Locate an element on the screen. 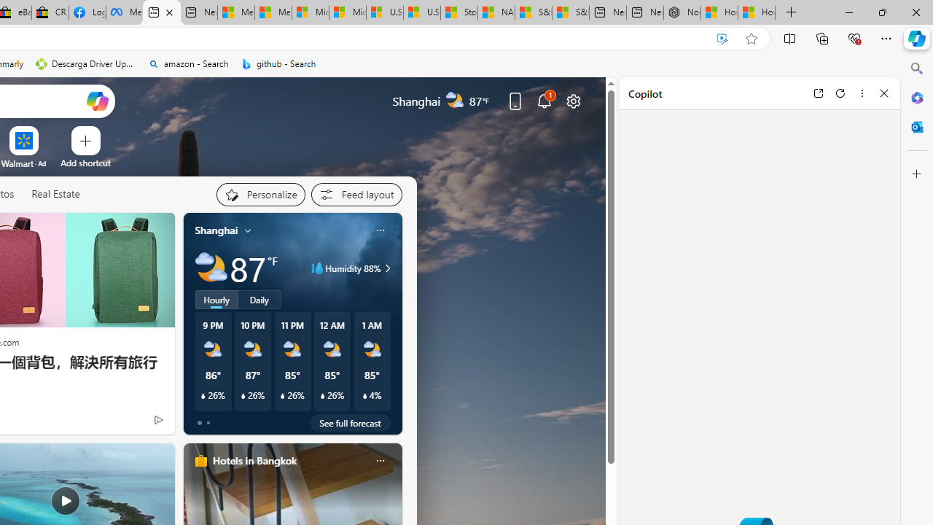  'Settings and more (Alt+F)' is located at coordinates (886, 37).